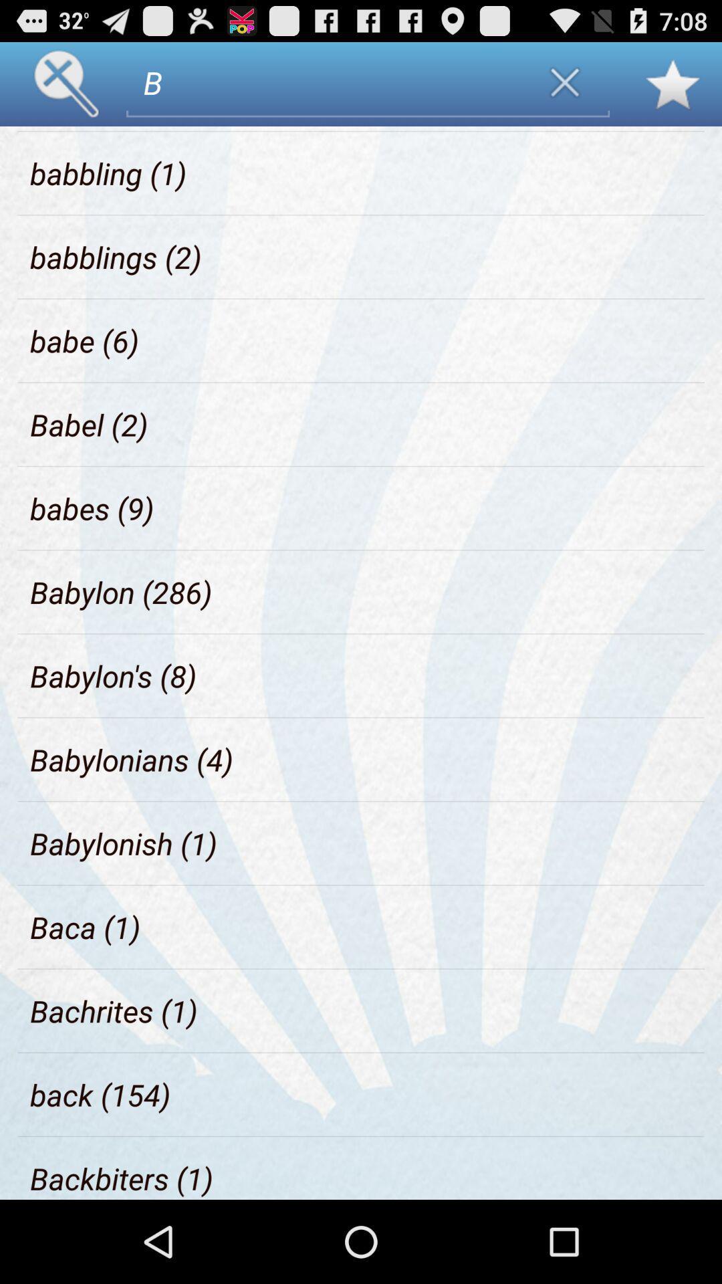 This screenshot has width=722, height=1284. Describe the element at coordinates (95, 128) in the screenshot. I see `item above babbling (1) icon` at that location.